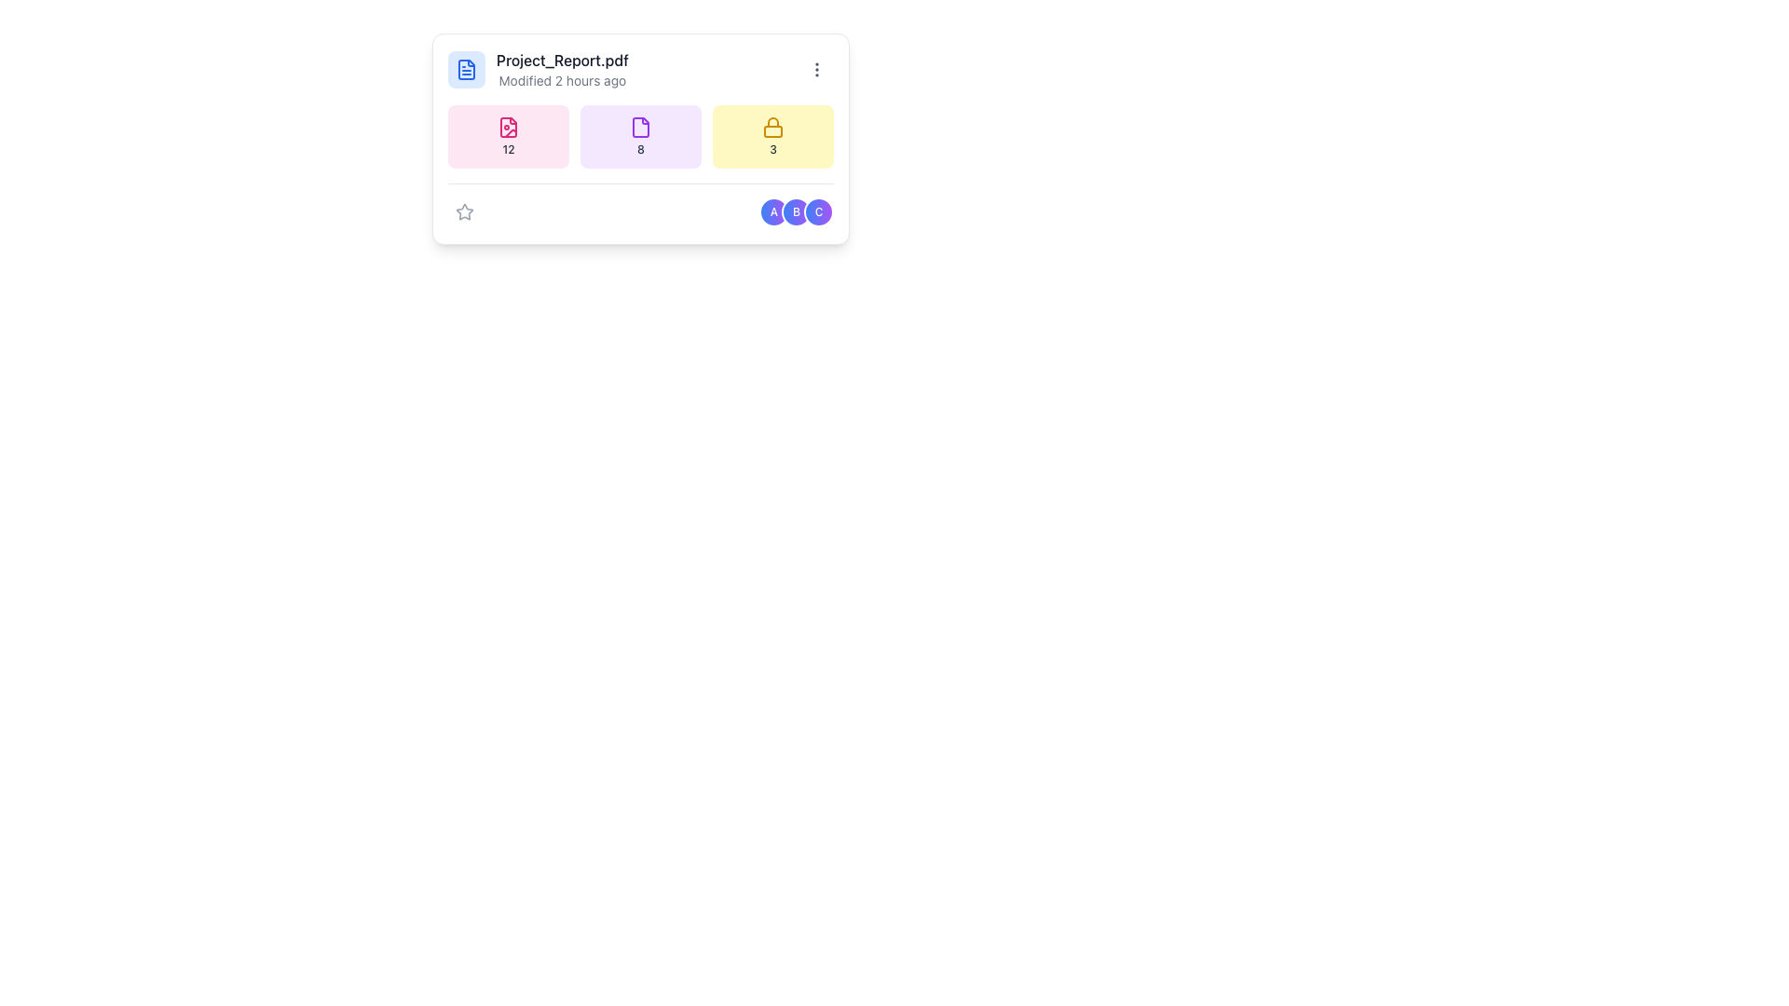 This screenshot has height=1006, width=1789. What do you see at coordinates (509, 149) in the screenshot?
I see `the text that provides additional information about the count of associated files or images, located at the bottom center of the pink tile below the icon and label 'Images'` at bounding box center [509, 149].